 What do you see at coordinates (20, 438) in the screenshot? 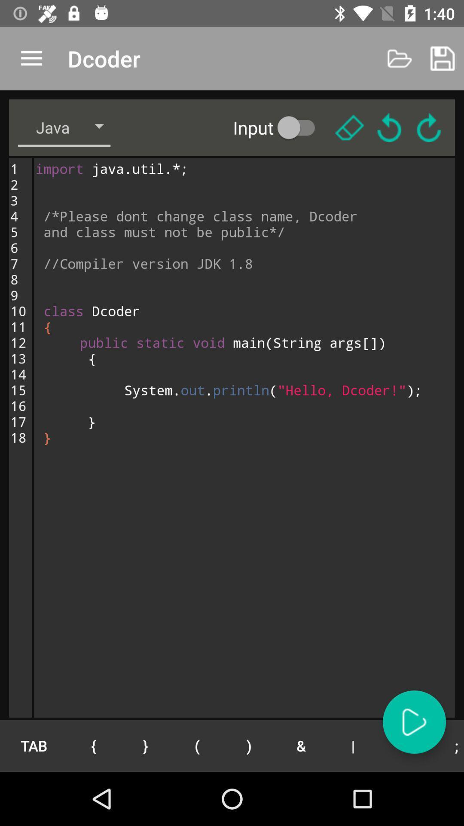
I see `the 1 2 3` at bounding box center [20, 438].